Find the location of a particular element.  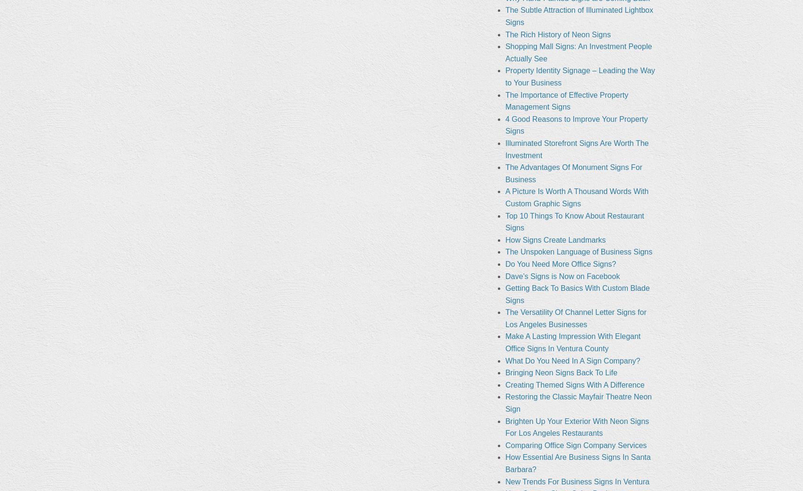

'Comparing Office Sign Company Services' is located at coordinates (575, 445).